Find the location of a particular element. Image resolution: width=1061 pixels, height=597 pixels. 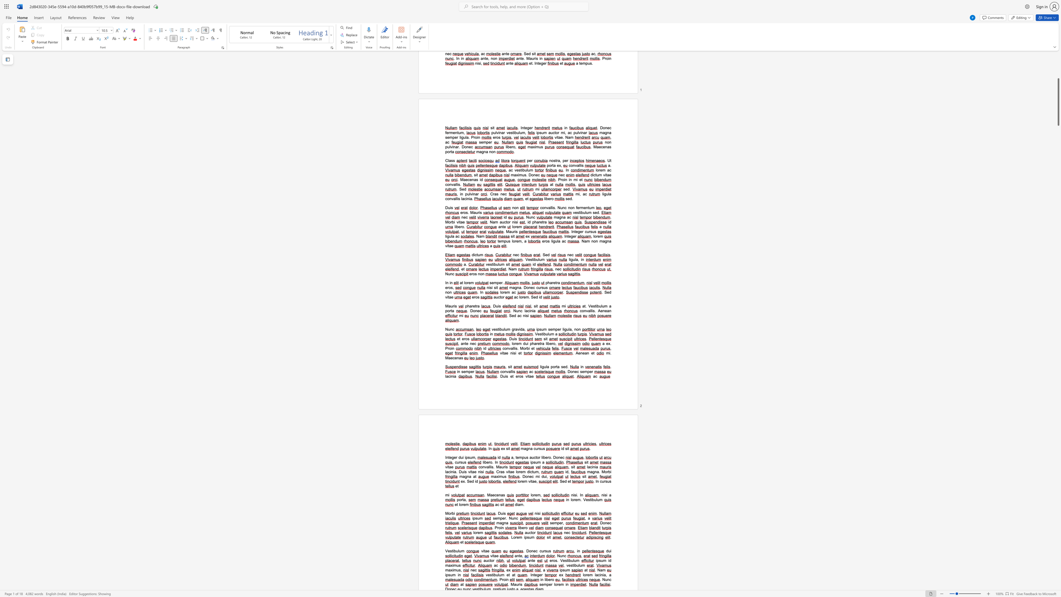

the space between the continuous character "i" and "s" in the text is located at coordinates (513, 372).